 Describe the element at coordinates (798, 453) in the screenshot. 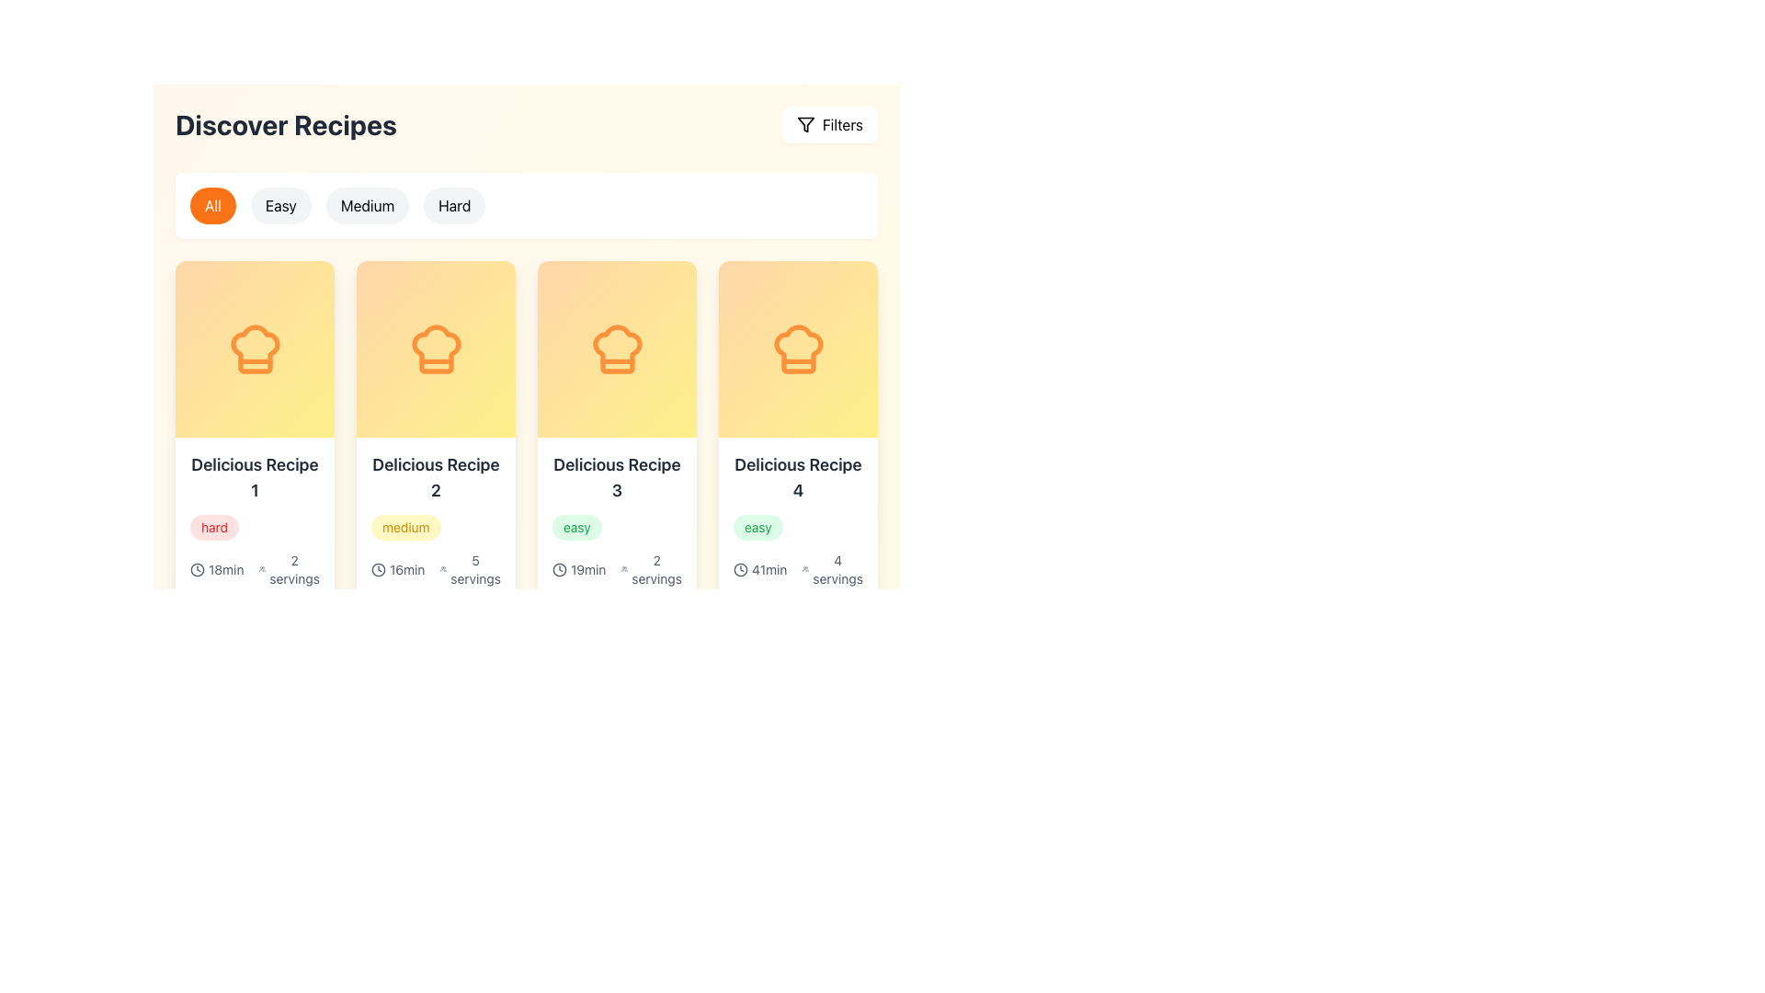

I see `the fourth recipe card in the grid layout` at that location.